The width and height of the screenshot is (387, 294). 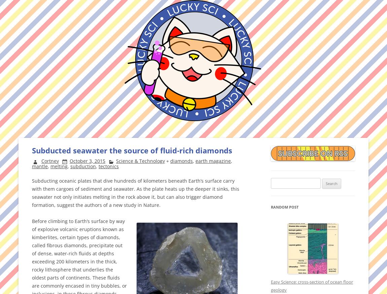 What do you see at coordinates (181, 160) in the screenshot?
I see `'diamonds'` at bounding box center [181, 160].